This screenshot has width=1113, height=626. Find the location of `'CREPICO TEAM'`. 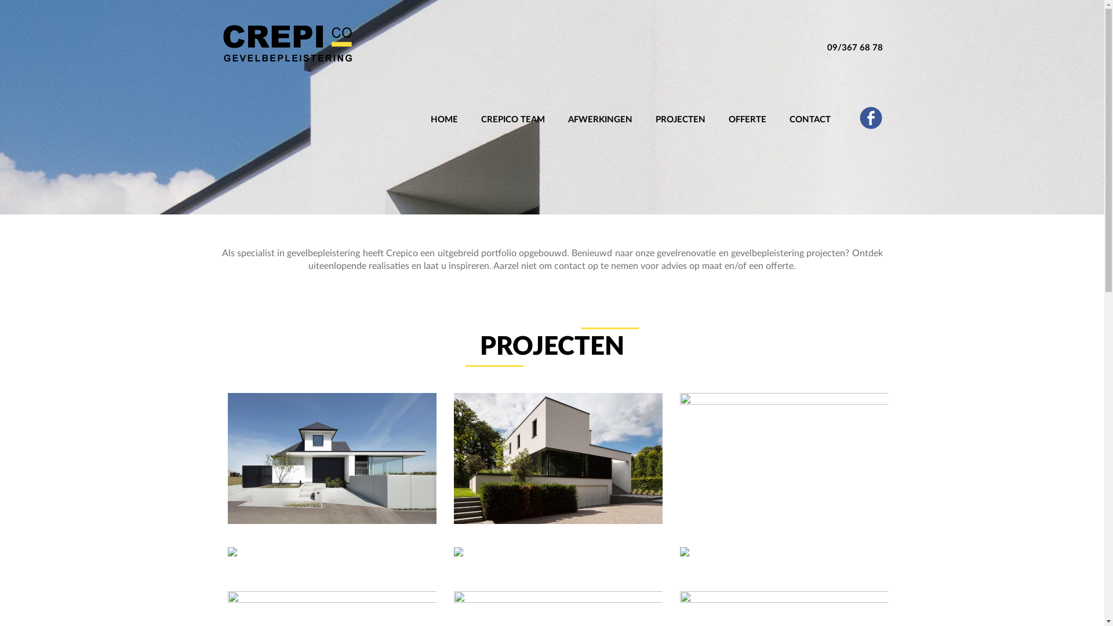

'CREPICO TEAM' is located at coordinates (512, 107).